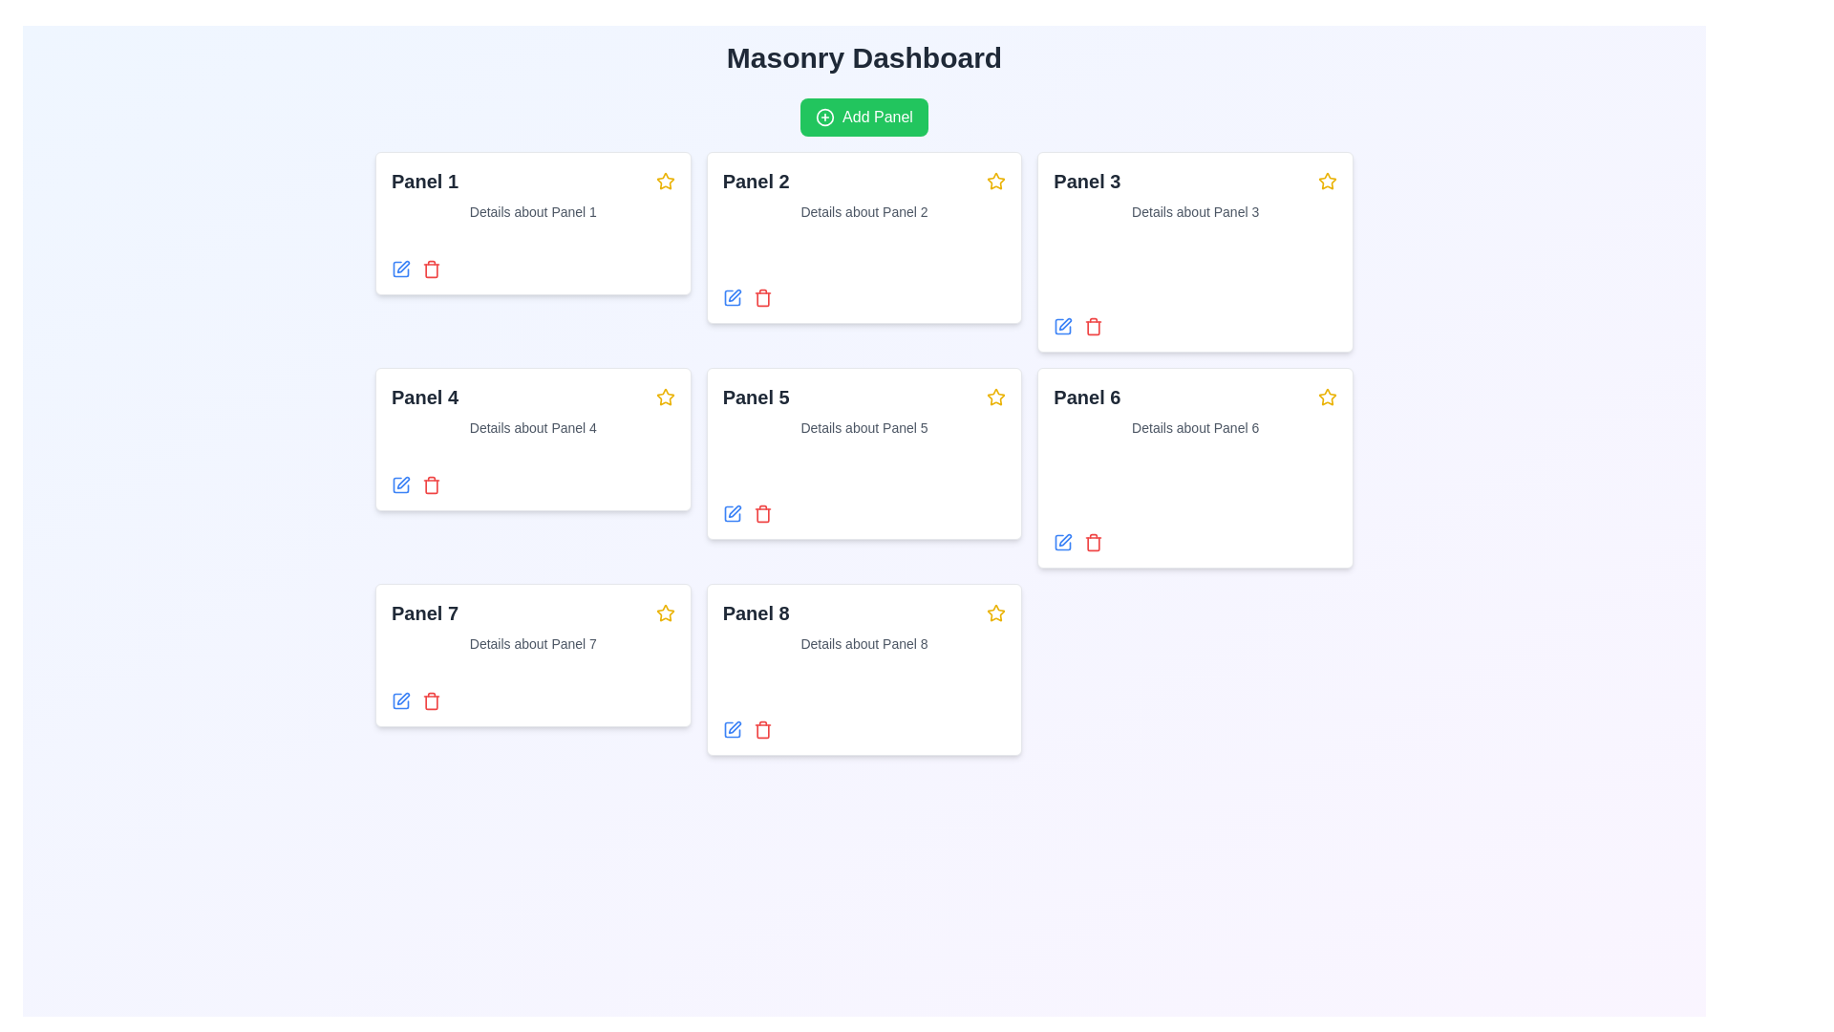 This screenshot has height=1032, width=1834. What do you see at coordinates (863, 644) in the screenshot?
I see `the Static Text element that reads 'Details about Panel 8' located within the 'Panel 8' card component, positioned below the header 'Panel 8'` at bounding box center [863, 644].